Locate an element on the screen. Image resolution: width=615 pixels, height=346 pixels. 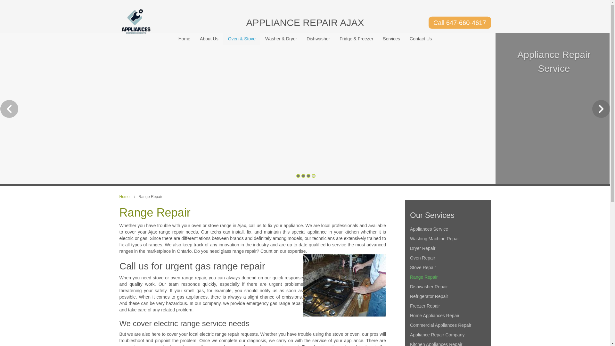
'Dishwasher' is located at coordinates (318, 38).